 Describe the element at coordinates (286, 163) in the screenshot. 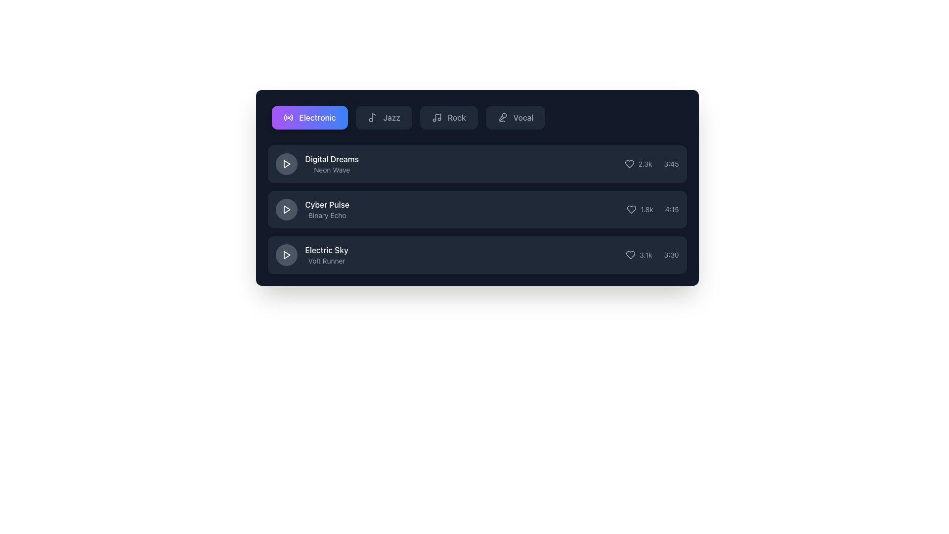

I see `the play button for the 'Digital Dreams' track to change its color and size` at that location.